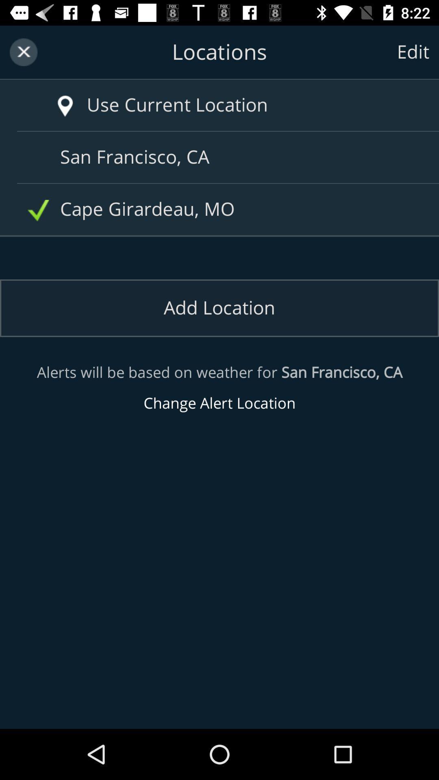 The height and width of the screenshot is (780, 439). What do you see at coordinates (222, 209) in the screenshot?
I see `the second location below san franciscoca` at bounding box center [222, 209].